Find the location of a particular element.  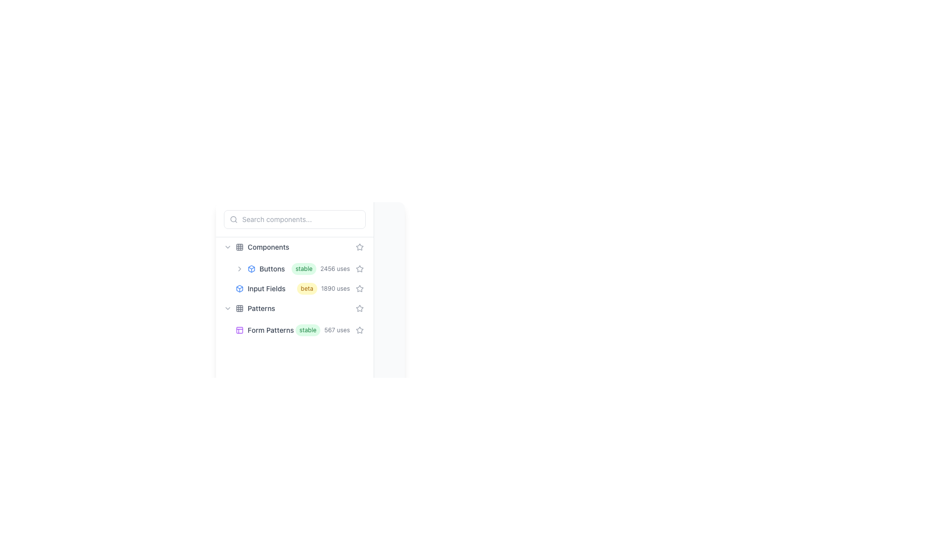

text from the label 'Input Fields', which is displayed in a medium-sized, dark gray font and is positioned next to a blue cube icon is located at coordinates (266, 288).